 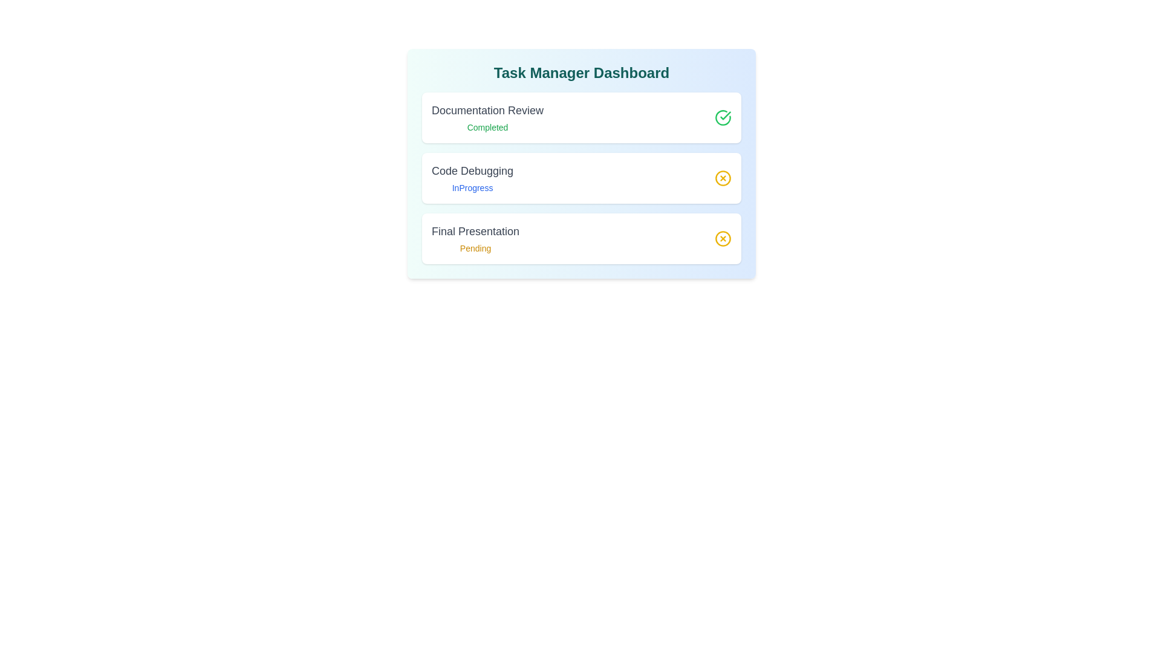 What do you see at coordinates (475, 231) in the screenshot?
I see `the task title Final Presentation` at bounding box center [475, 231].